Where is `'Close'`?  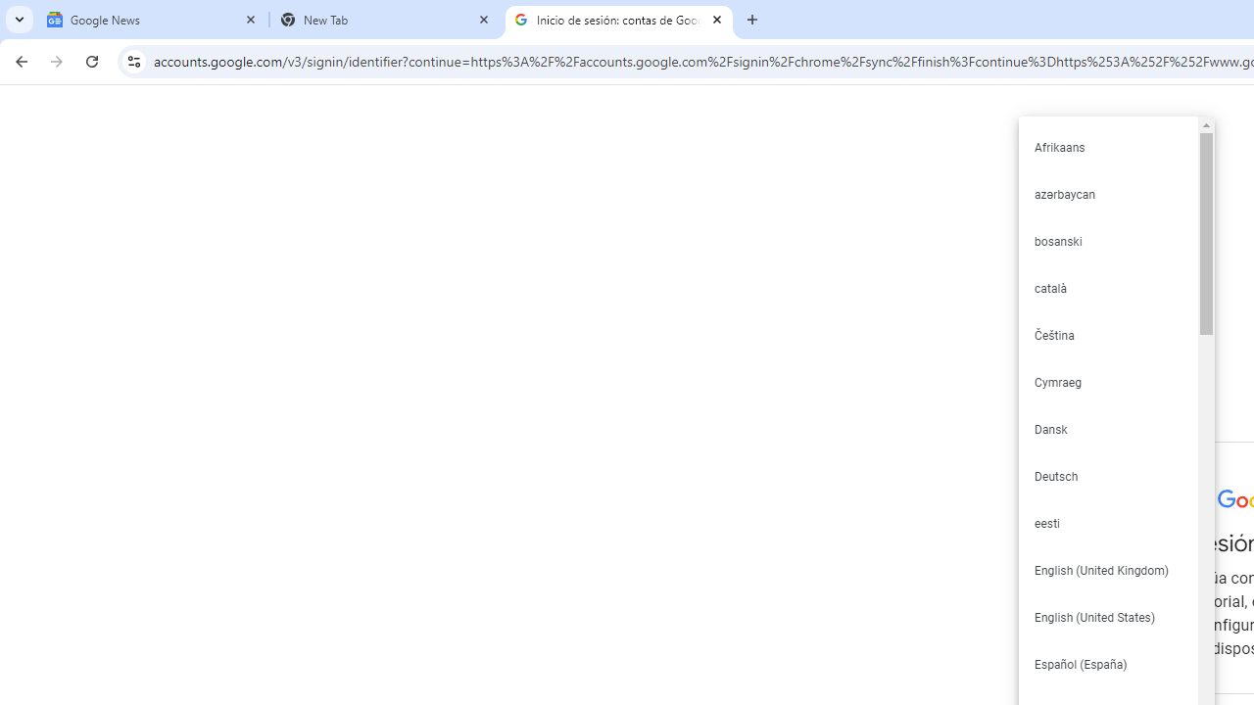
'Close' is located at coordinates (716, 19).